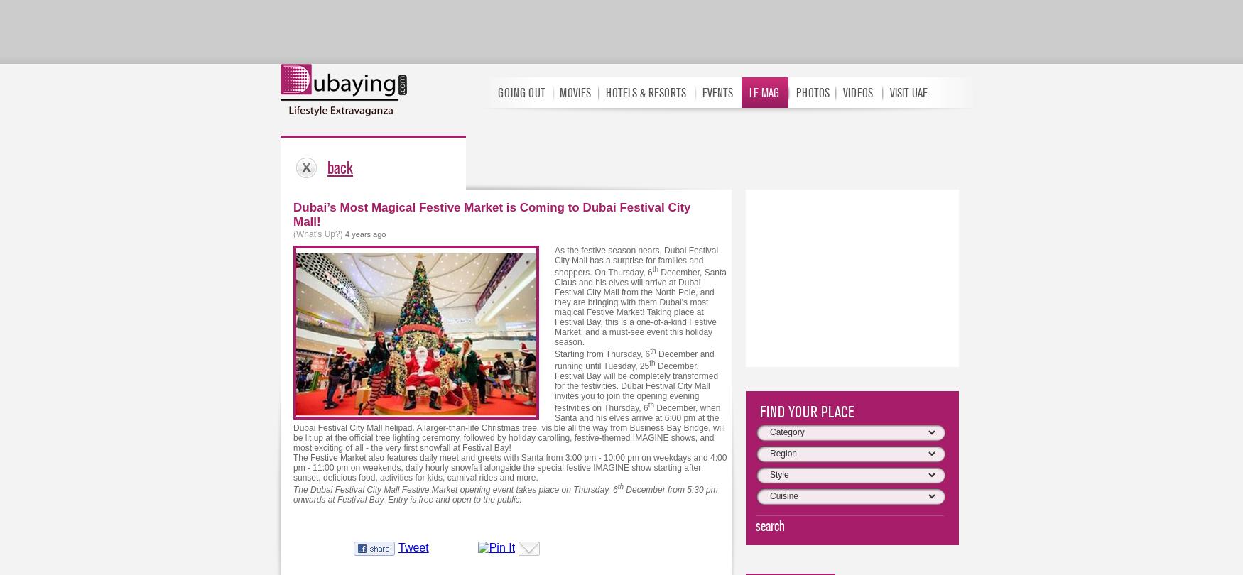 This screenshot has width=1243, height=575. What do you see at coordinates (702, 93) in the screenshot?
I see `'EVENTS'` at bounding box center [702, 93].